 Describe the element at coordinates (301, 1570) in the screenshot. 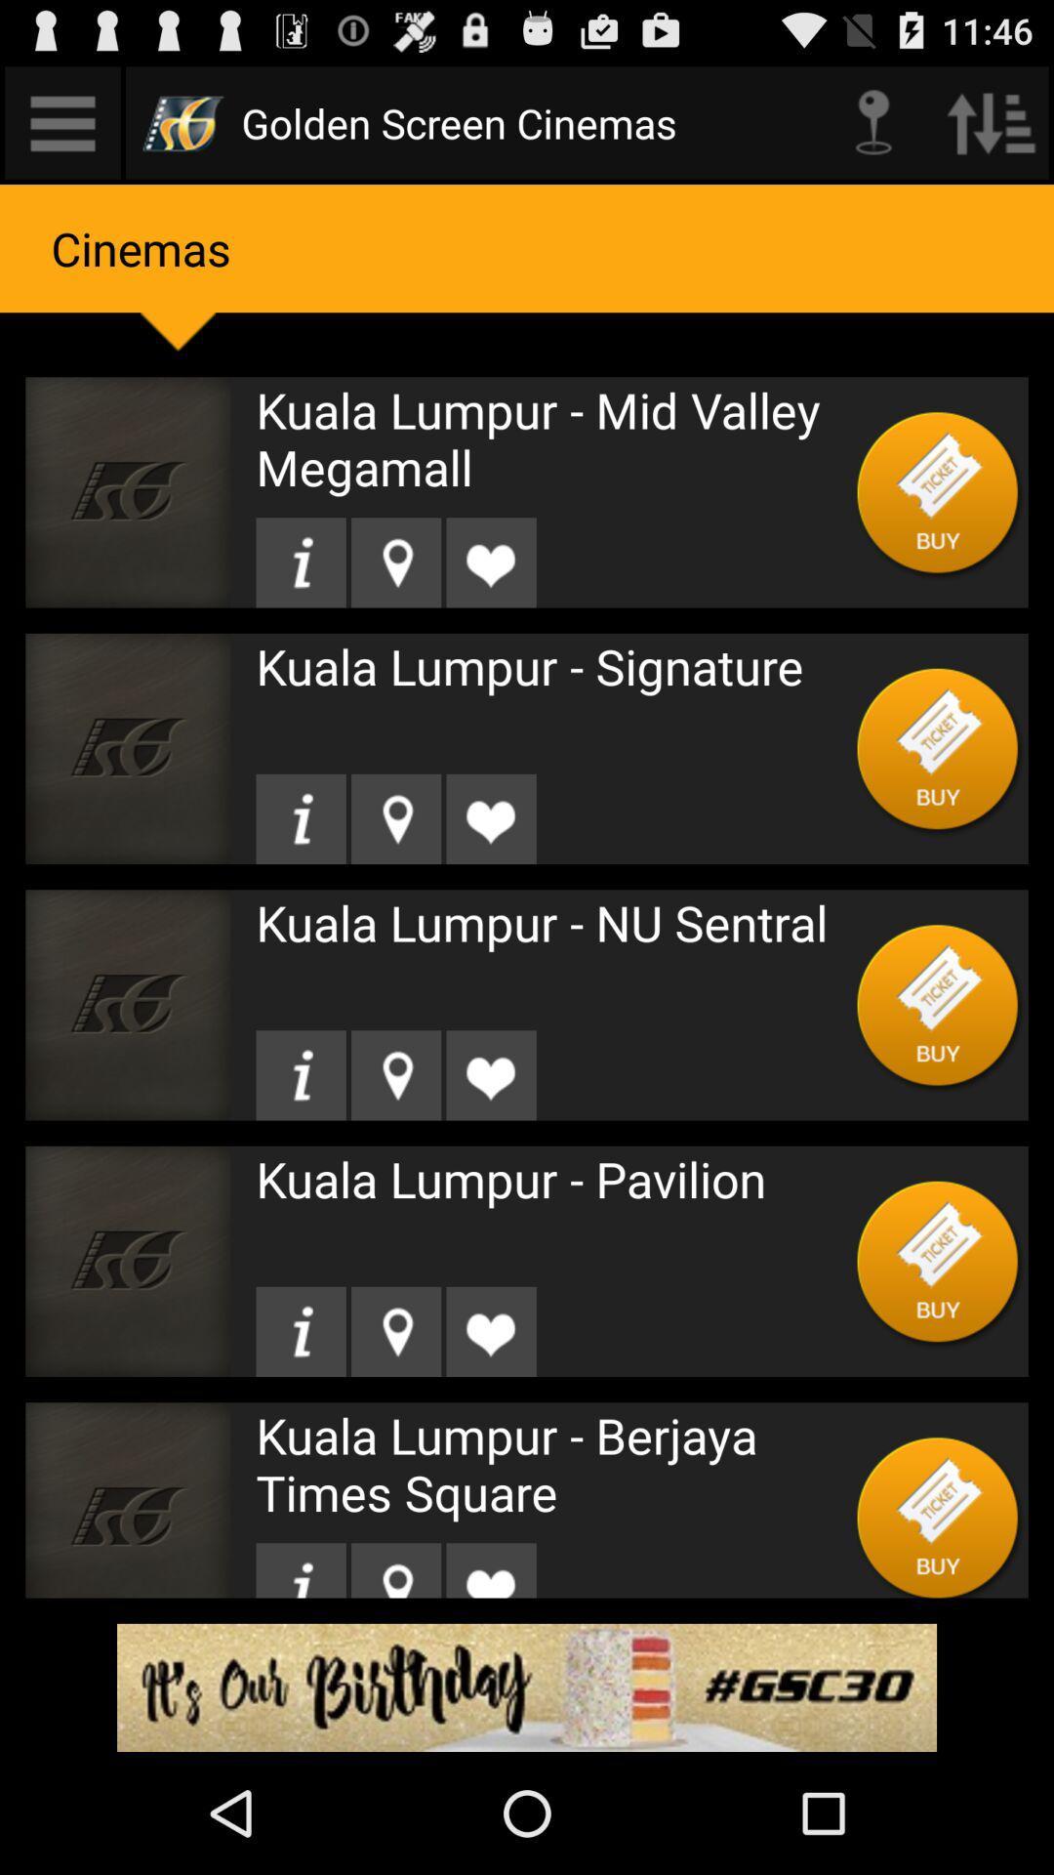

I see `see information` at that location.